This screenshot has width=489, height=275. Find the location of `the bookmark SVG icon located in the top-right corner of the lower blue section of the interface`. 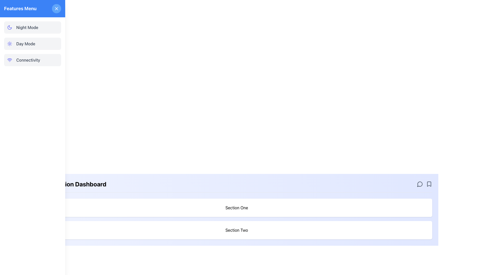

the bookmark SVG icon located in the top-right corner of the lower blue section of the interface is located at coordinates (429, 184).